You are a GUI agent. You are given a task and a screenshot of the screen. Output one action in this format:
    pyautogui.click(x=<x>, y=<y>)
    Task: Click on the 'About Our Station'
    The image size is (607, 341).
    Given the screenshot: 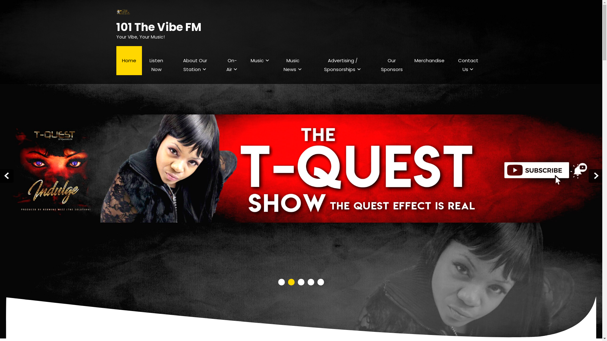 What is the action you would take?
    pyautogui.click(x=171, y=65)
    